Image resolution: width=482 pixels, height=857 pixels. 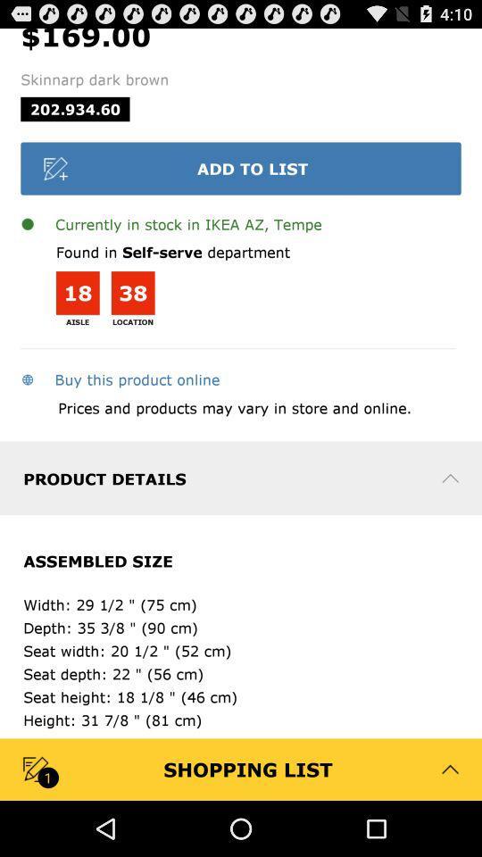 I want to click on blue text, so click(x=120, y=379).